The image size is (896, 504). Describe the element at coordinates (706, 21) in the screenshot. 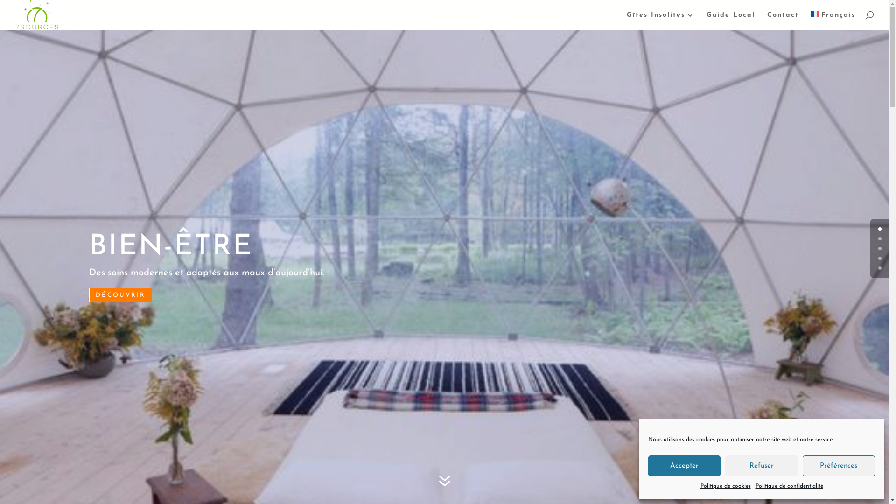

I see `'Guide Local'` at that location.